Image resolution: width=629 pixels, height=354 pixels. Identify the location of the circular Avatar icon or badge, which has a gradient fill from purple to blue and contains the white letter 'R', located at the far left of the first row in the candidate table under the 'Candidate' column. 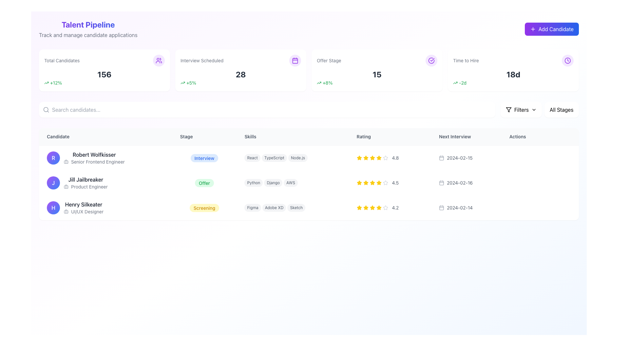
(53, 158).